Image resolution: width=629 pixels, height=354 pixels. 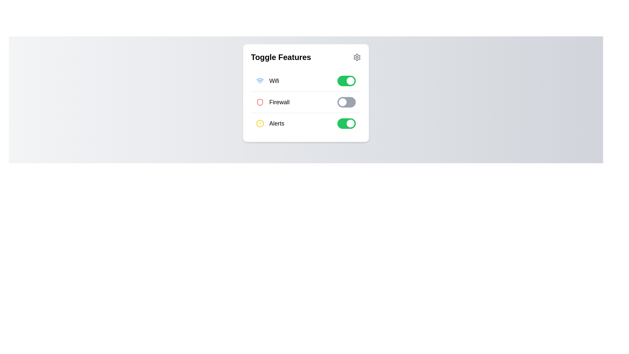 What do you see at coordinates (349, 102) in the screenshot?
I see `the draggable toggle button located in the second row labeled 'Firewall' within the 'Toggle Features' section` at bounding box center [349, 102].